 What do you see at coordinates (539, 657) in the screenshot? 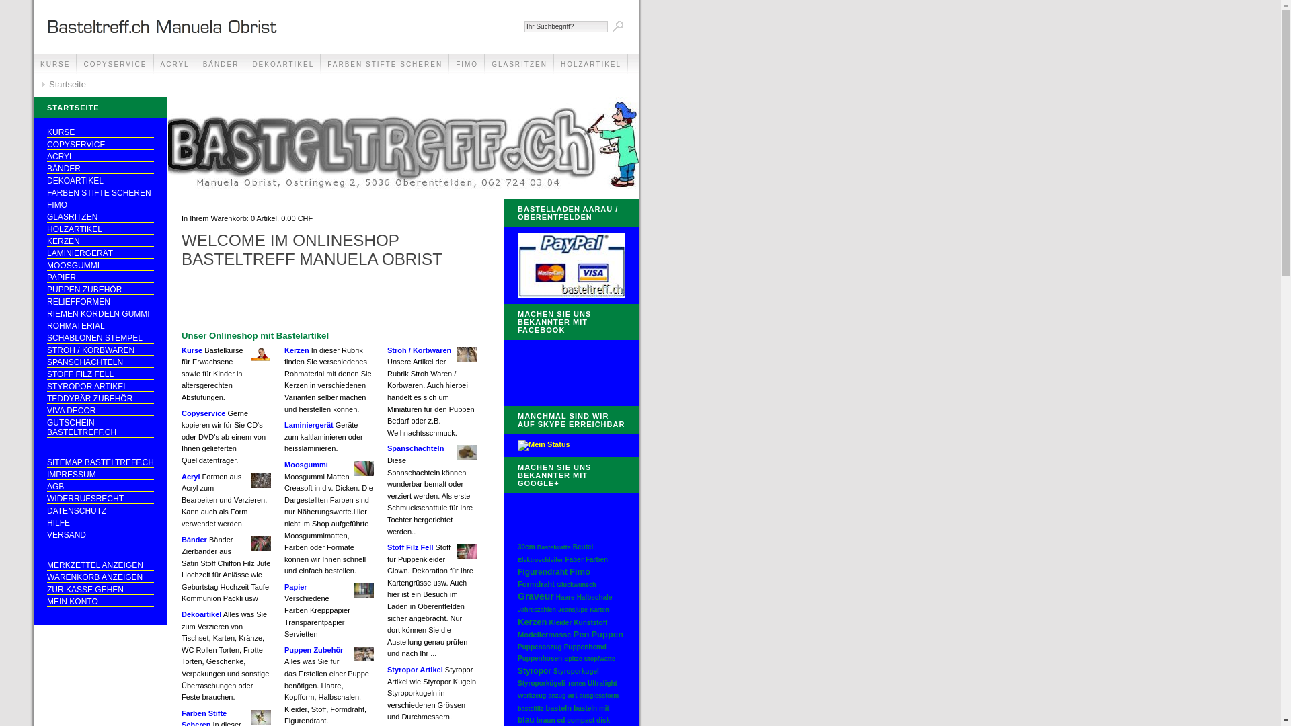
I see `'Puppenhosen'` at bounding box center [539, 657].